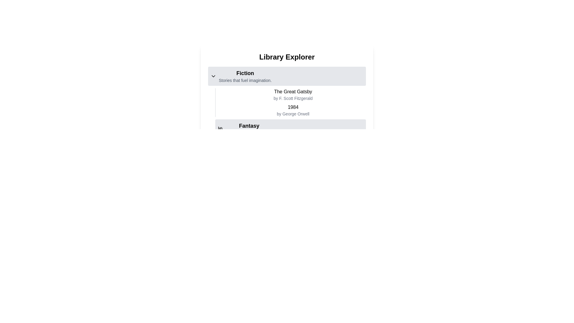 This screenshot has width=574, height=323. What do you see at coordinates (293, 98) in the screenshot?
I see `the static label indicating the author of the book 'The Great Gatsby', which is located under the title in the 'Fiction' category of the 'Library Explorer' interface` at bounding box center [293, 98].